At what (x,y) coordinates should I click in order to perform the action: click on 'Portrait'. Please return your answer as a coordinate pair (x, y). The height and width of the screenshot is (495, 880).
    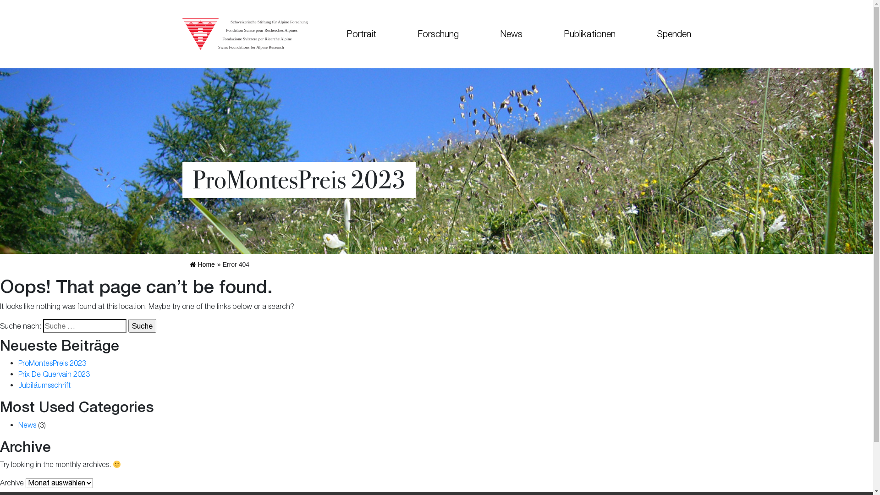
    Looking at the image, I should click on (360, 33).